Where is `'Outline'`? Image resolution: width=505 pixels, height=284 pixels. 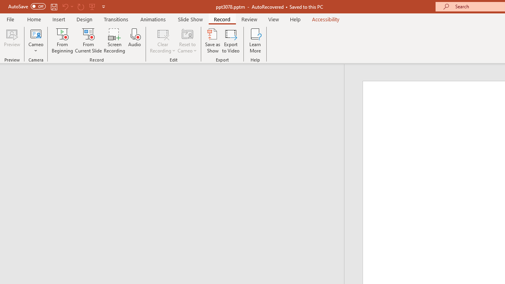
'Outline' is located at coordinates (175, 80).